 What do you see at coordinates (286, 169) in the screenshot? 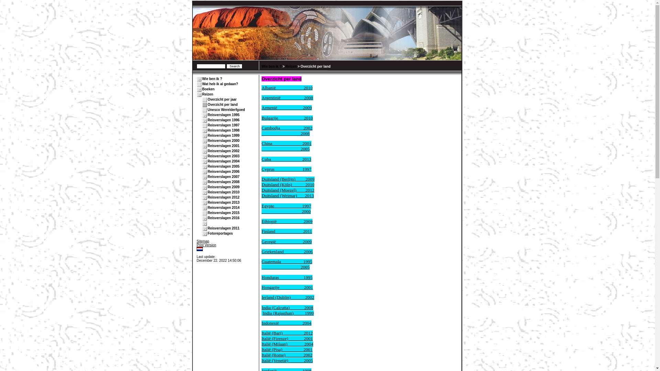
I see `'Cyprus                         1997'` at bounding box center [286, 169].